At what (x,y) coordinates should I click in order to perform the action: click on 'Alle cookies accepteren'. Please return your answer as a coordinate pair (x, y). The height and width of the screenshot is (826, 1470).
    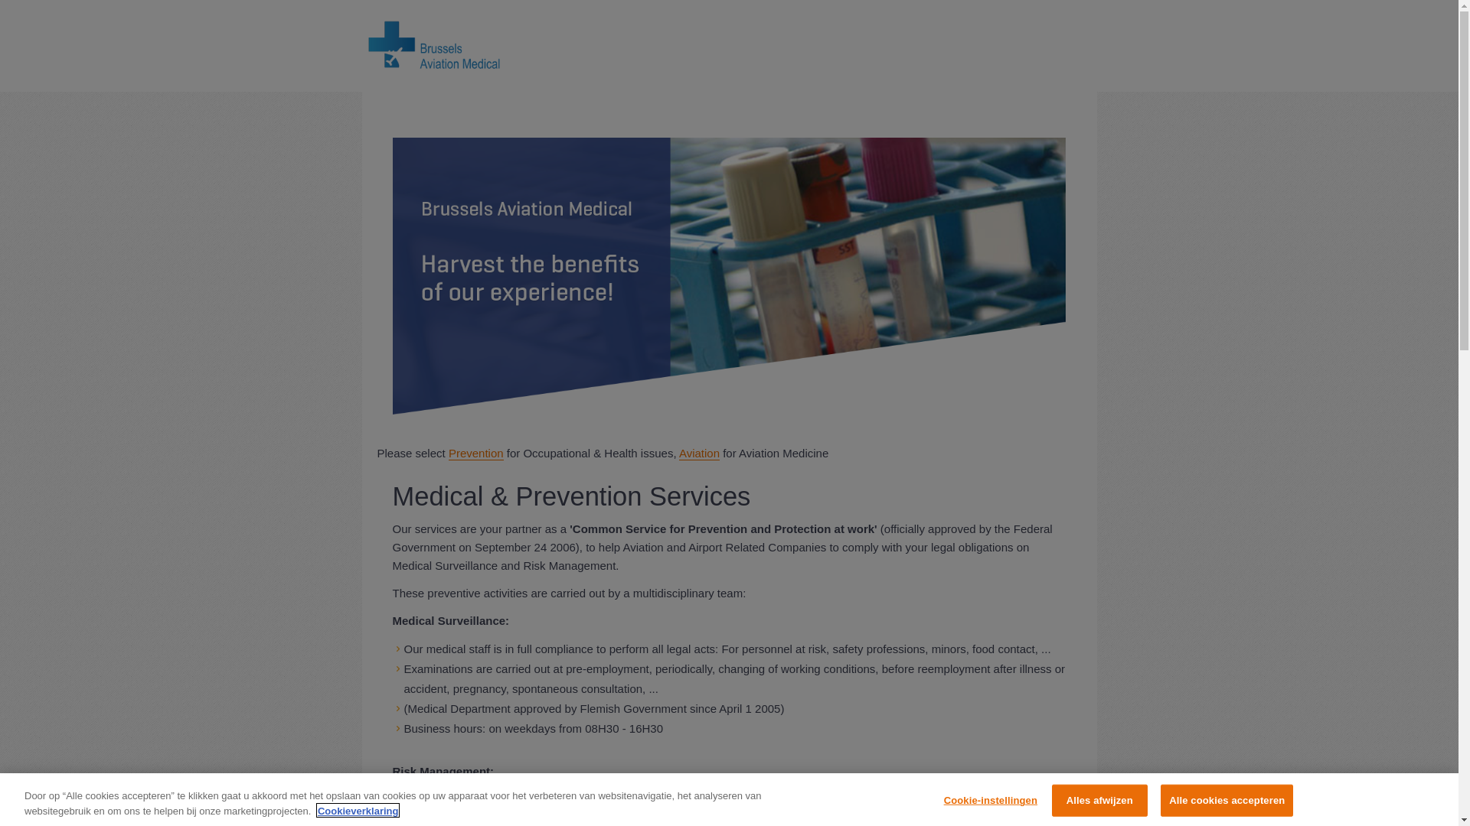
    Looking at the image, I should click on (1227, 799).